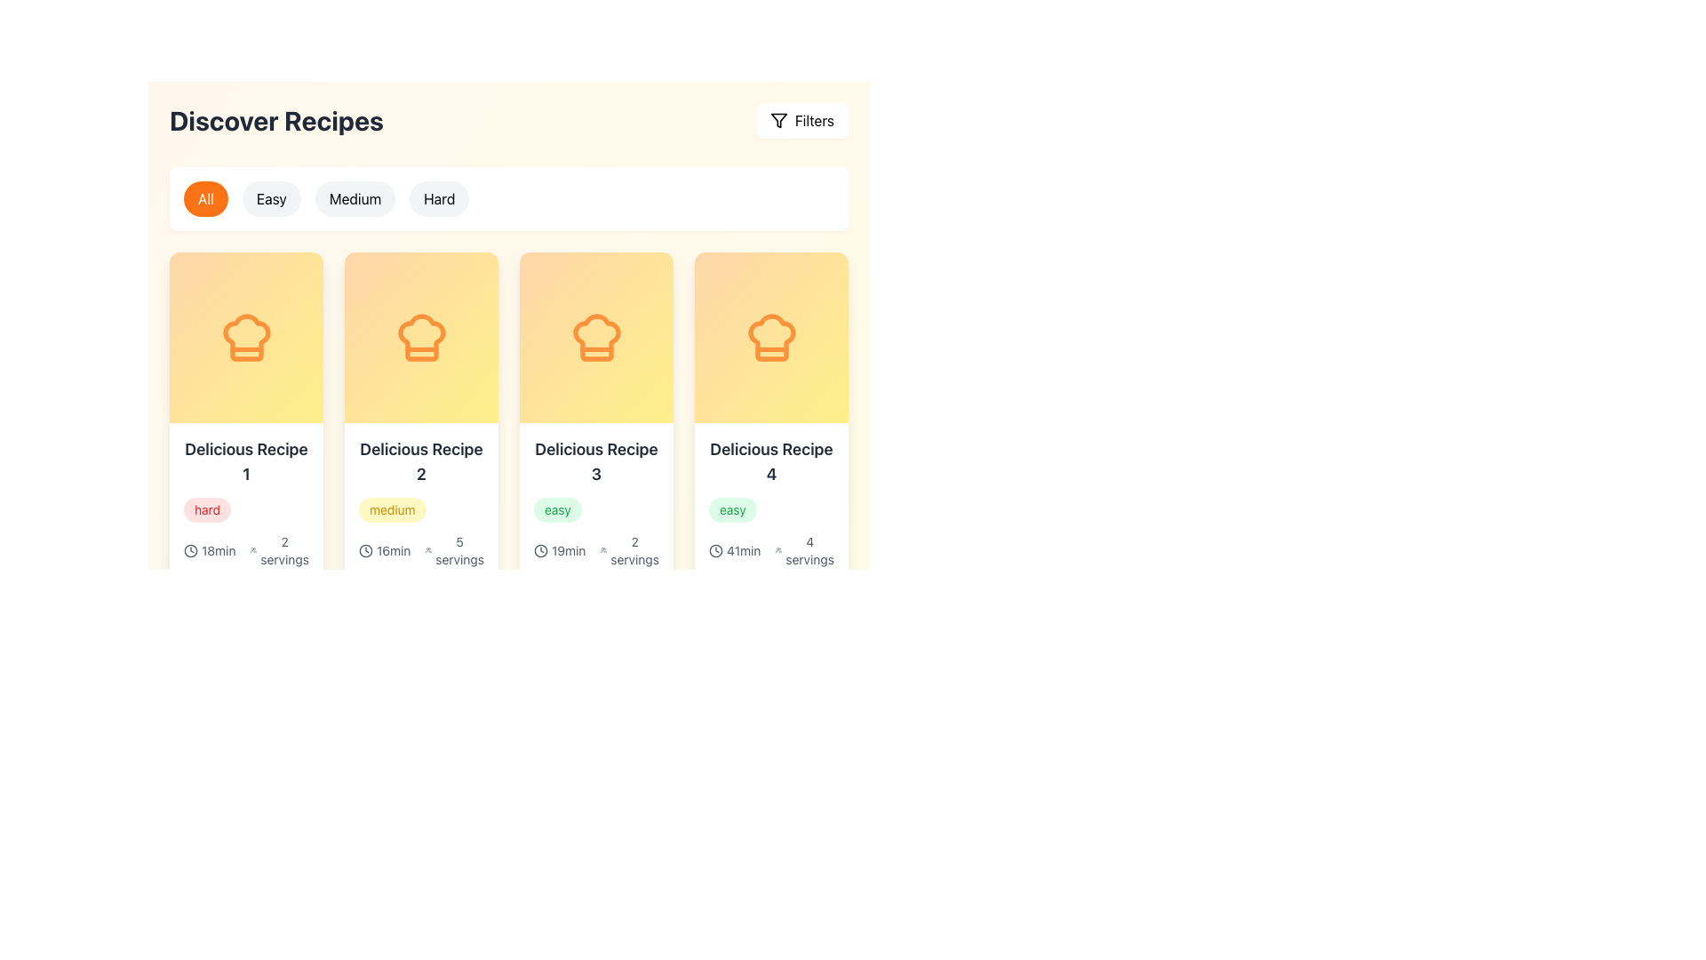 The width and height of the screenshot is (1706, 960). I want to click on chef's hat icon, which is bright orange and located at the top-center of the fourth card titled 'Delicious Recipe 4', so click(771, 338).